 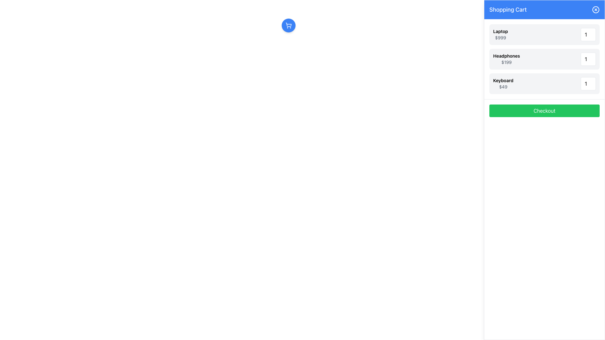 I want to click on the 'Headphones' text label displaying the price '$199' in the shopping cart interface, located under the 'Laptop' item and above the 'Keyboard' item, so click(x=506, y=59).